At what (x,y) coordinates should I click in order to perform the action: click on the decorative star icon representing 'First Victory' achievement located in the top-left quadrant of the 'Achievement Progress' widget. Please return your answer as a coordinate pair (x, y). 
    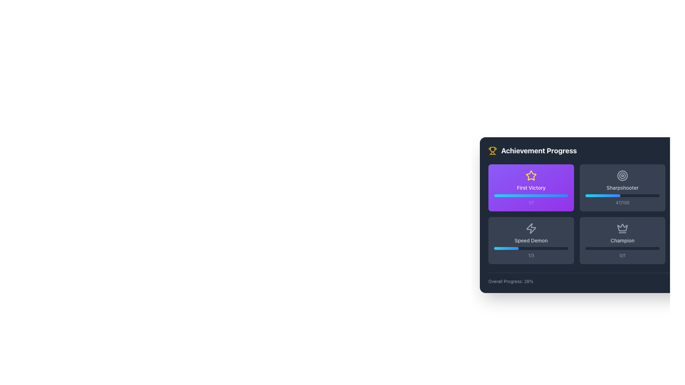
    Looking at the image, I should click on (531, 175).